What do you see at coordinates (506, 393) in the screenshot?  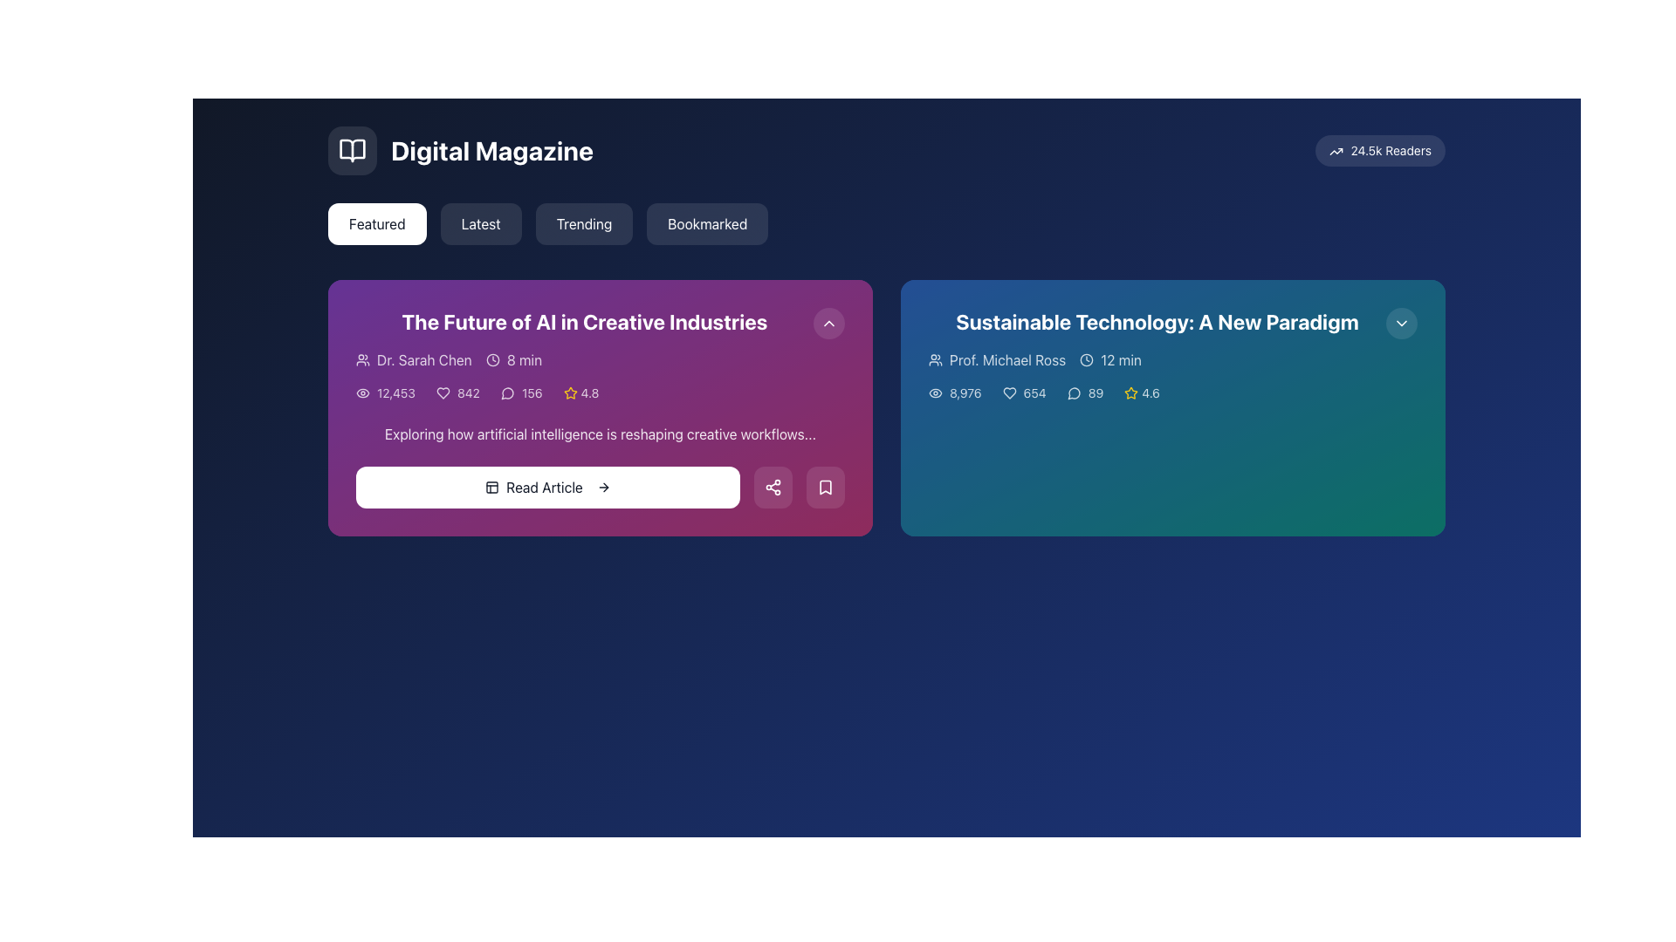 I see `the speech bubble icon located slightly to the right of the 'Read Article' button on the purple card labeled 'The Future of AI in Creative Industries'` at bounding box center [506, 393].